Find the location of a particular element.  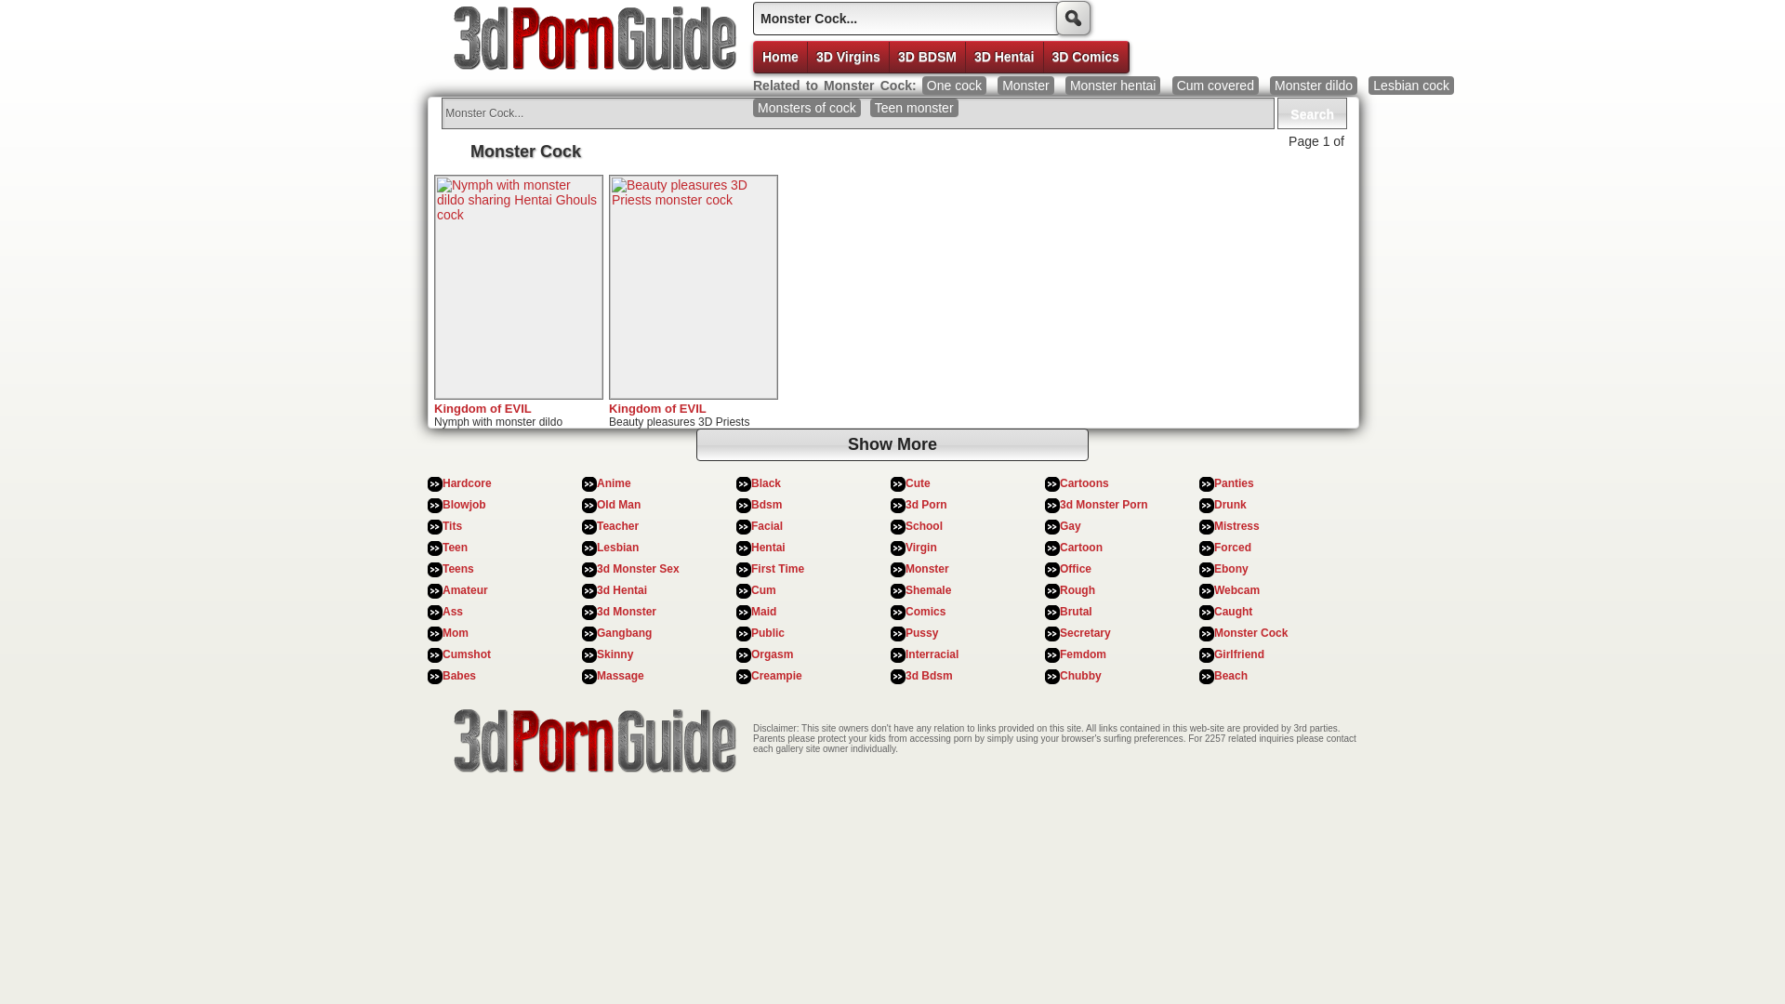

'Shemale' is located at coordinates (928, 590).